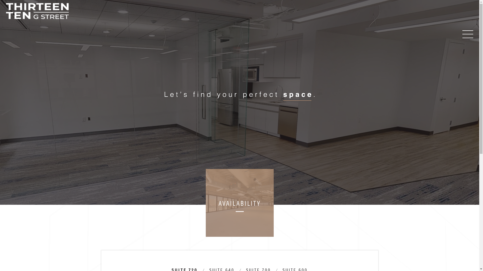  What do you see at coordinates (239, 203) in the screenshot?
I see `'AVAILABILITY'` at bounding box center [239, 203].